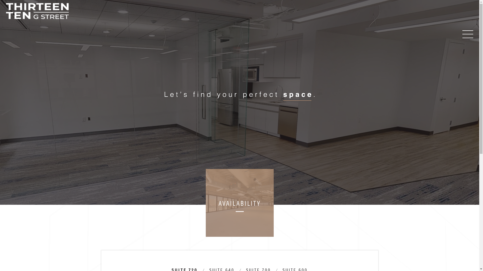  What do you see at coordinates (239, 203) in the screenshot?
I see `'AVAILABILITY'` at bounding box center [239, 203].